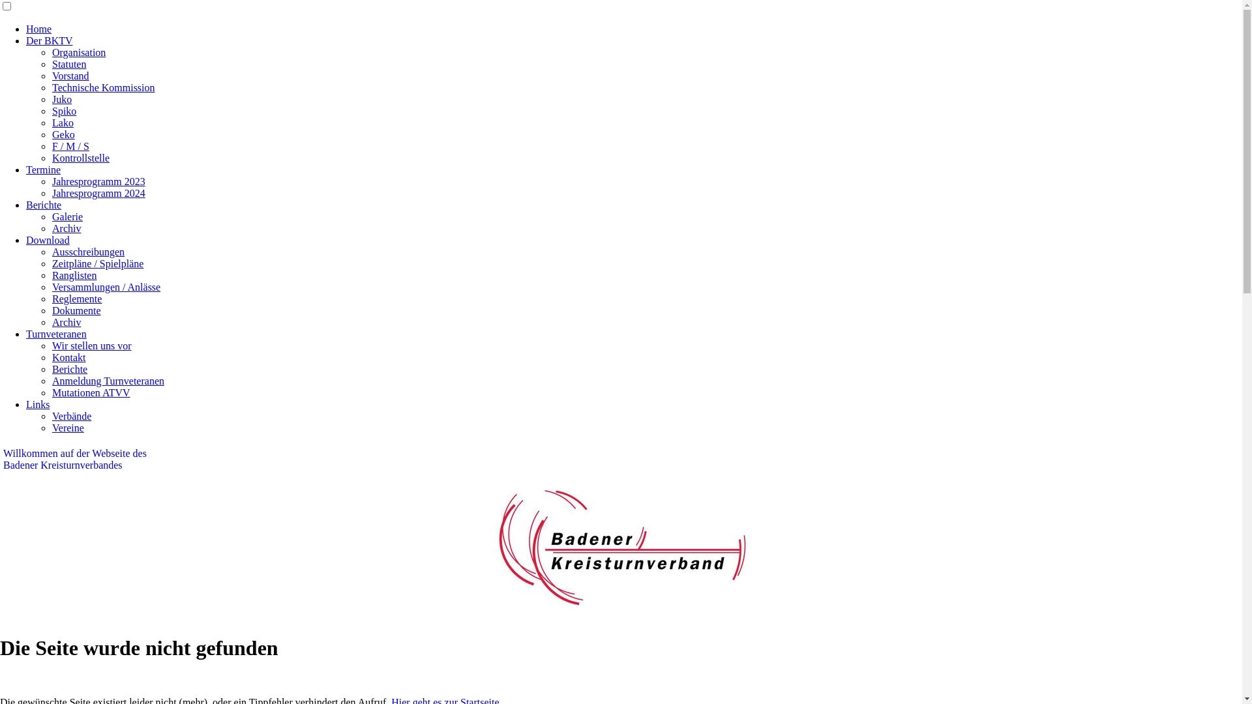 The width and height of the screenshot is (1252, 704). What do you see at coordinates (52, 392) in the screenshot?
I see `'Mutationen ATVV'` at bounding box center [52, 392].